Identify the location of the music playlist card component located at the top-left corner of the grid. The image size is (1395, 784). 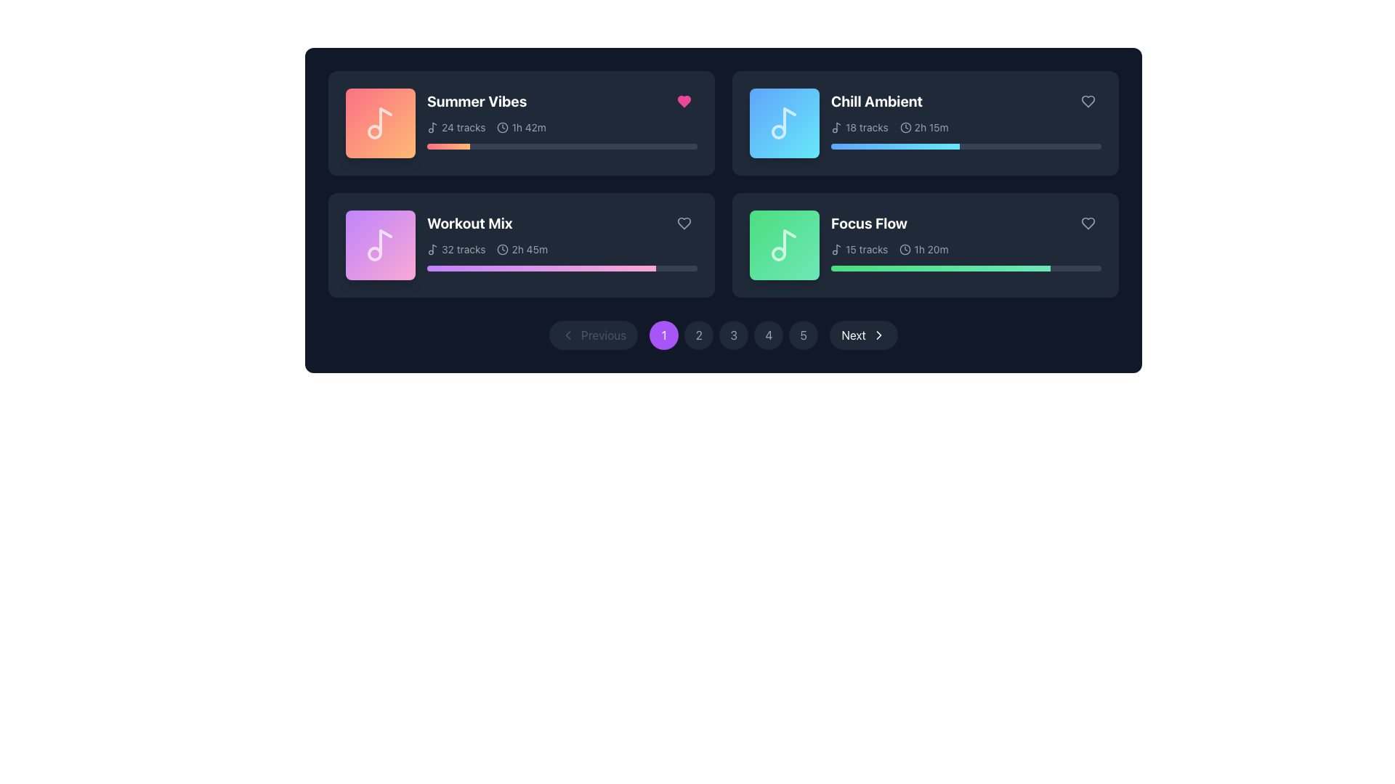
(522, 122).